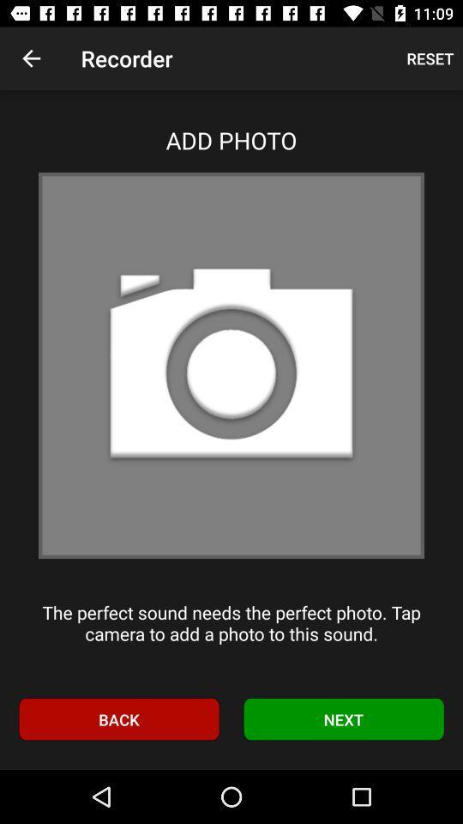  What do you see at coordinates (117, 719) in the screenshot?
I see `the item to the left of next` at bounding box center [117, 719].